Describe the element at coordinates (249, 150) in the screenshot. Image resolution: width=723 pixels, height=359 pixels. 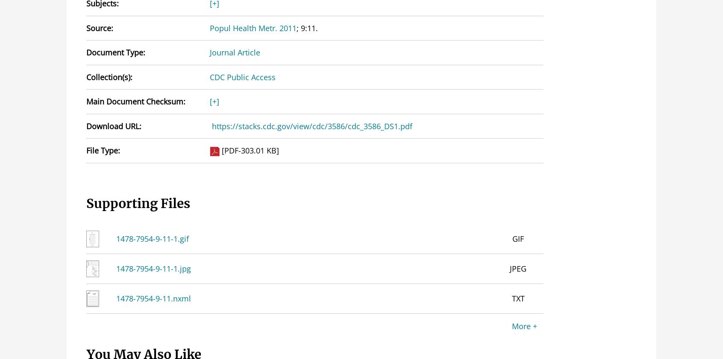
I see `'[PDF-303.01 KB]'` at that location.